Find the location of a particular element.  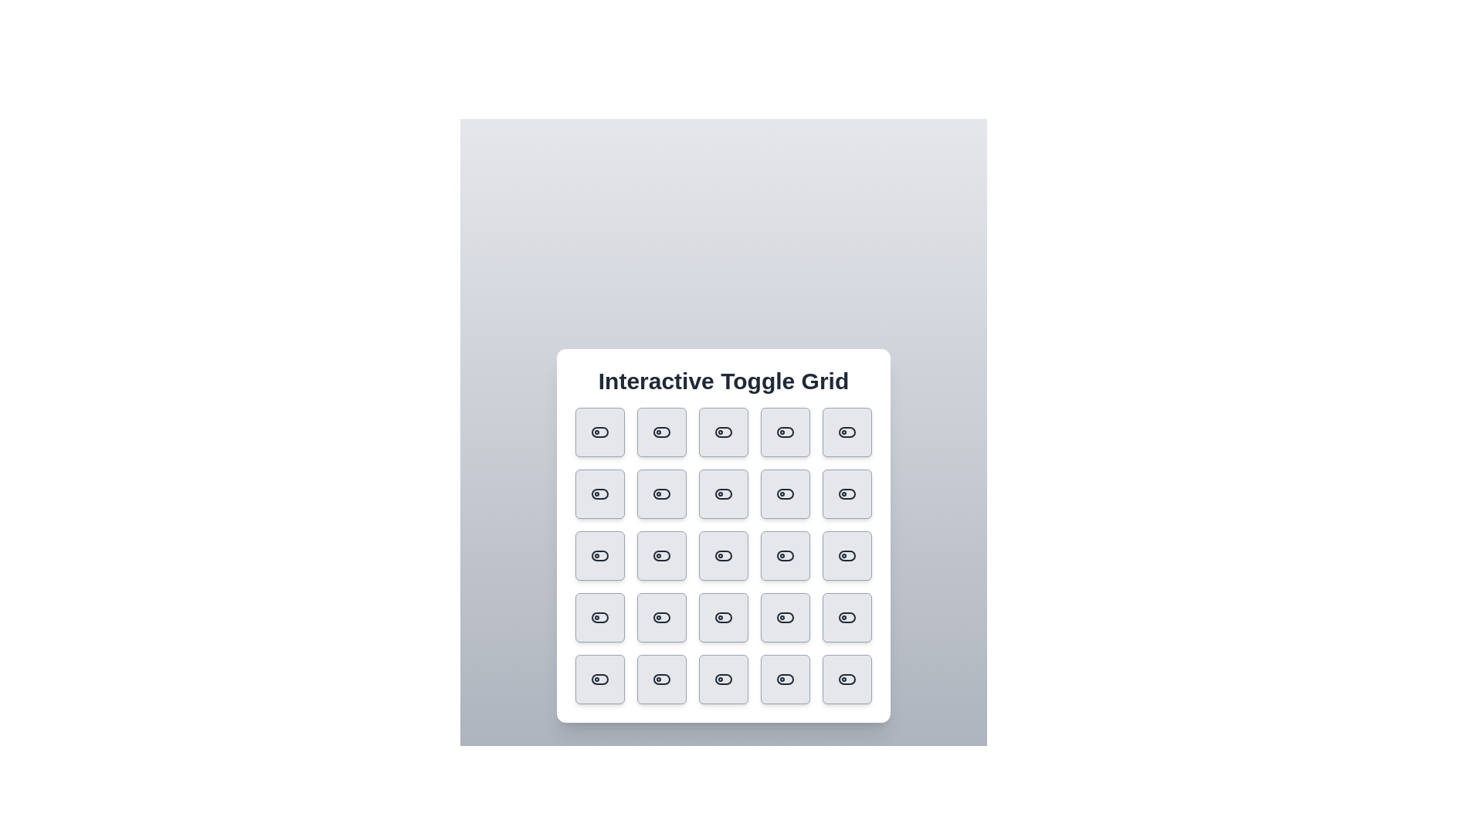

the title element of the grid to view its text is located at coordinates (722, 381).